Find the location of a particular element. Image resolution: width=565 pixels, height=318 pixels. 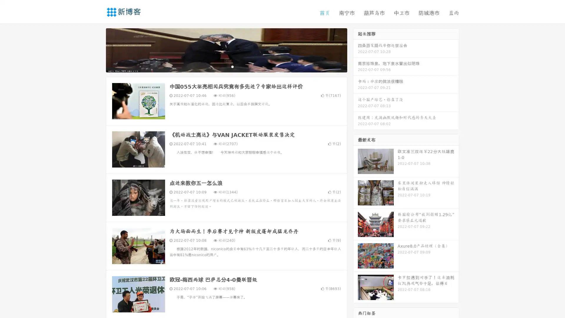

Next slide is located at coordinates (355, 49).